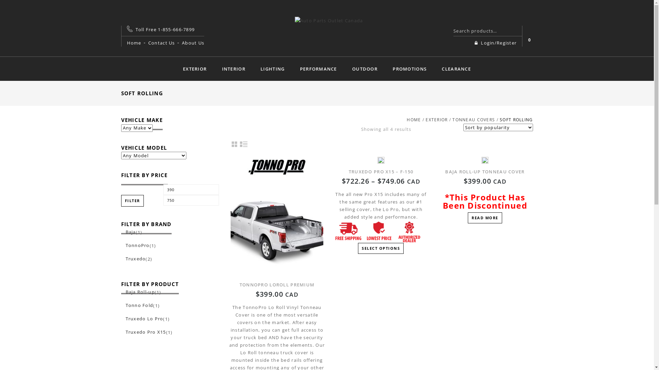 The width and height of the screenshot is (659, 370). I want to click on 'Tonno Fold', so click(120, 305).